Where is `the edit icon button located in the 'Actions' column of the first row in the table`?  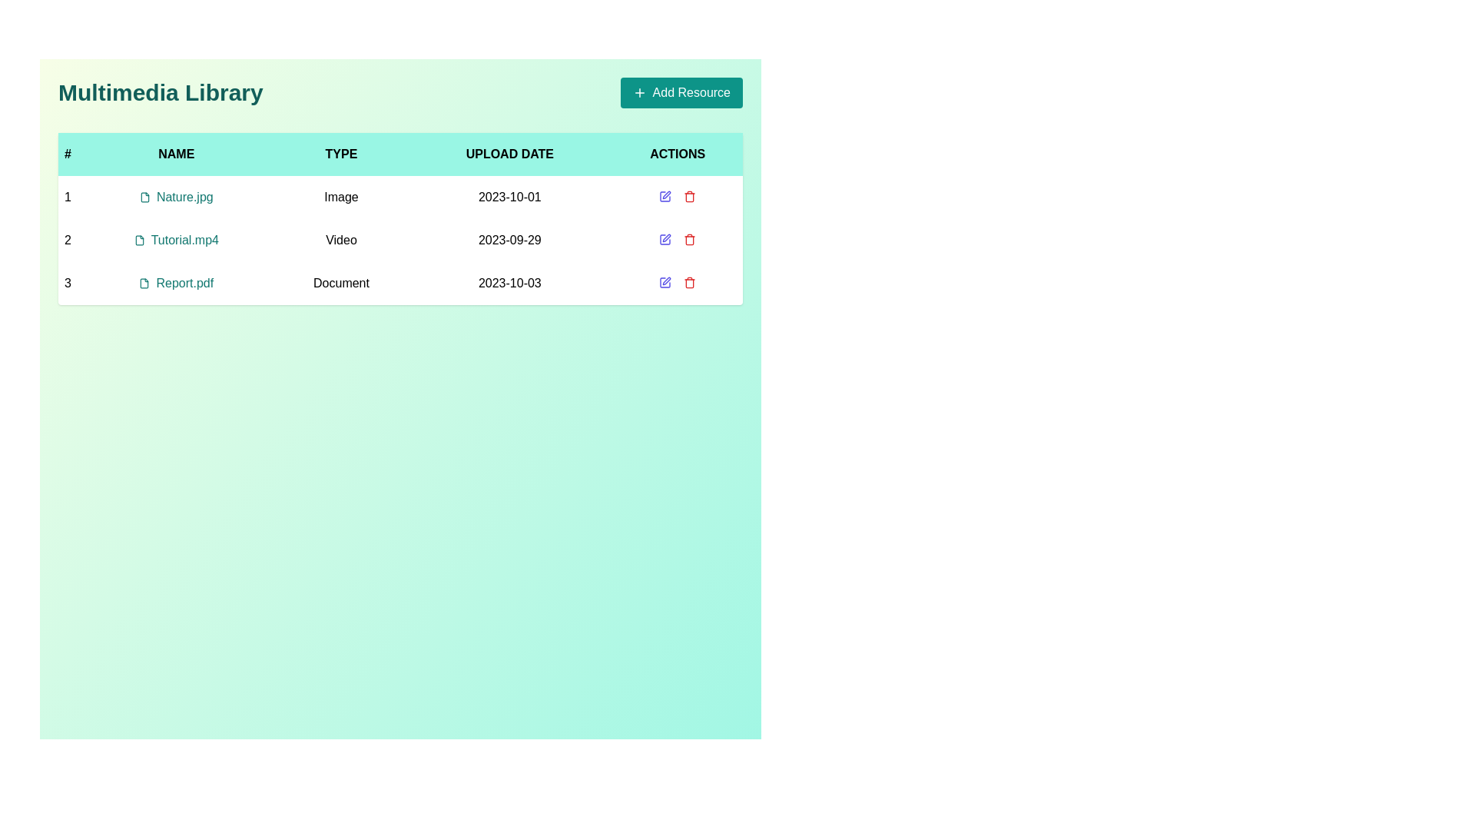 the edit icon button located in the 'Actions' column of the first row in the table is located at coordinates (667, 194).